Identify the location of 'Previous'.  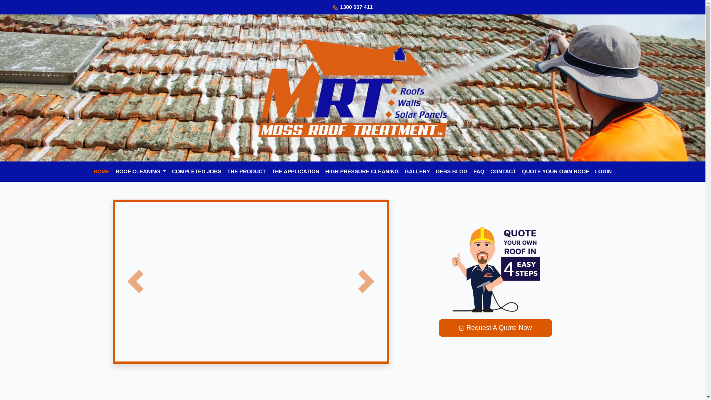
(135, 281).